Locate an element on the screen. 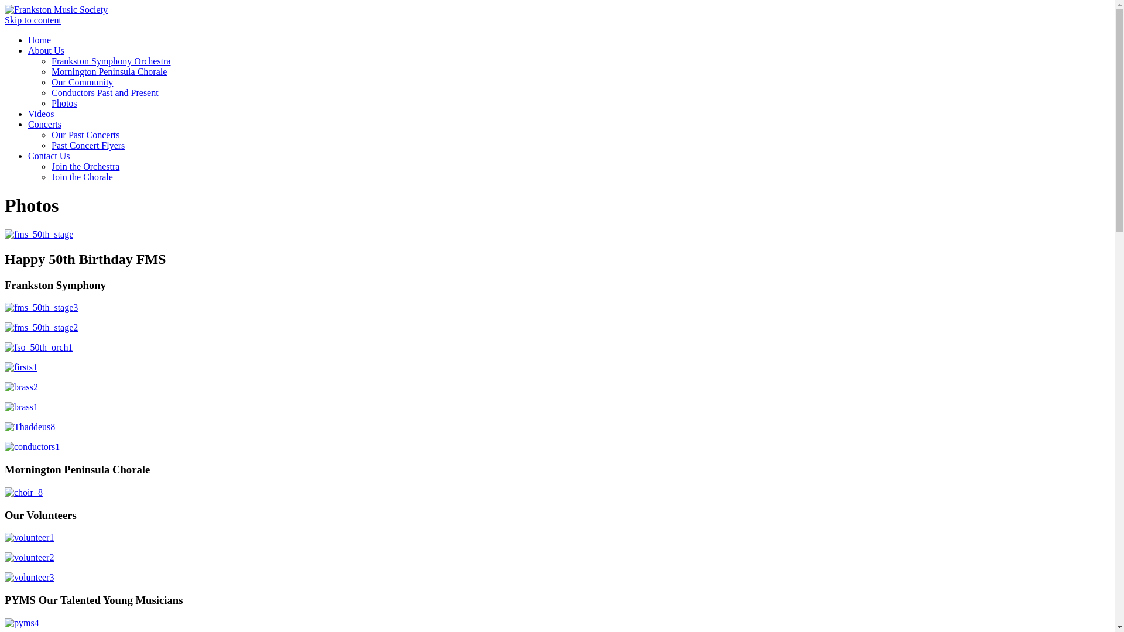 The width and height of the screenshot is (1124, 632). 'Skip to content' is located at coordinates (5, 20).